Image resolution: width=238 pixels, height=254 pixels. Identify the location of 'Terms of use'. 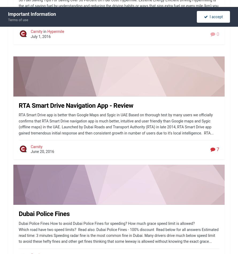
(8, 20).